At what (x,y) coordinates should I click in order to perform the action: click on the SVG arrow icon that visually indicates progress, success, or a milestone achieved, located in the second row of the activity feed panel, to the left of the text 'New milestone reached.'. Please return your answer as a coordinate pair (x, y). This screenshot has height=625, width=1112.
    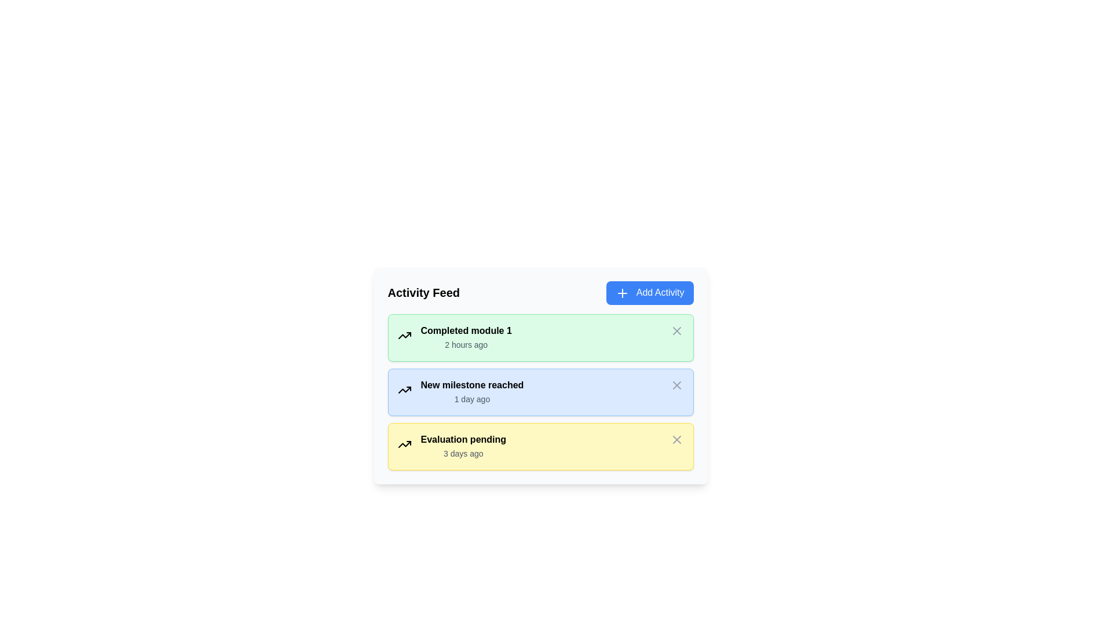
    Looking at the image, I should click on (404, 335).